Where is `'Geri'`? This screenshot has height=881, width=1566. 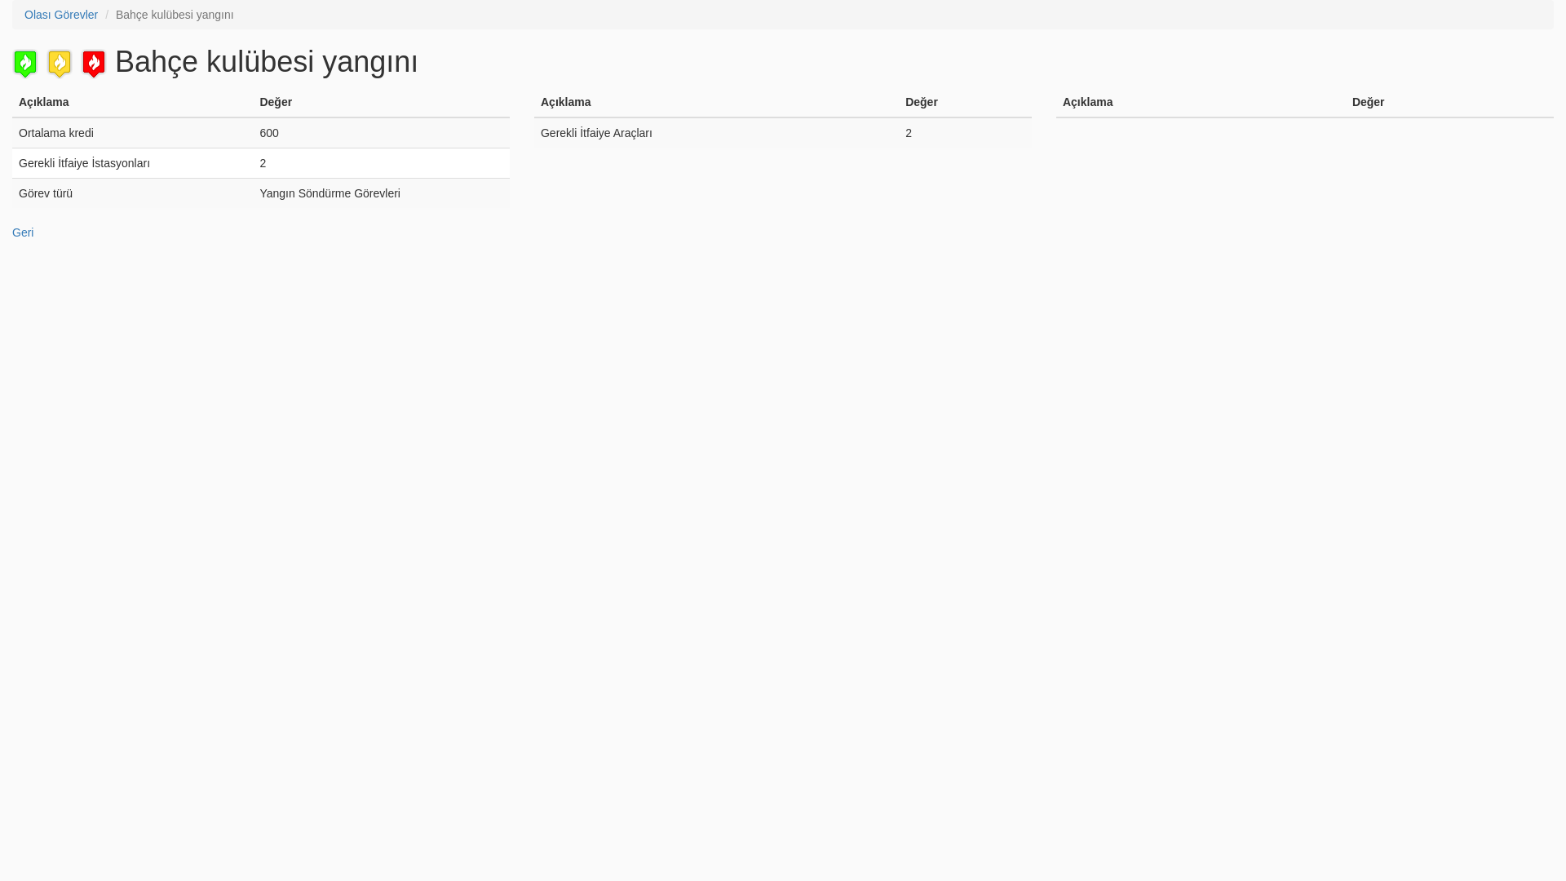 'Geri' is located at coordinates (23, 232).